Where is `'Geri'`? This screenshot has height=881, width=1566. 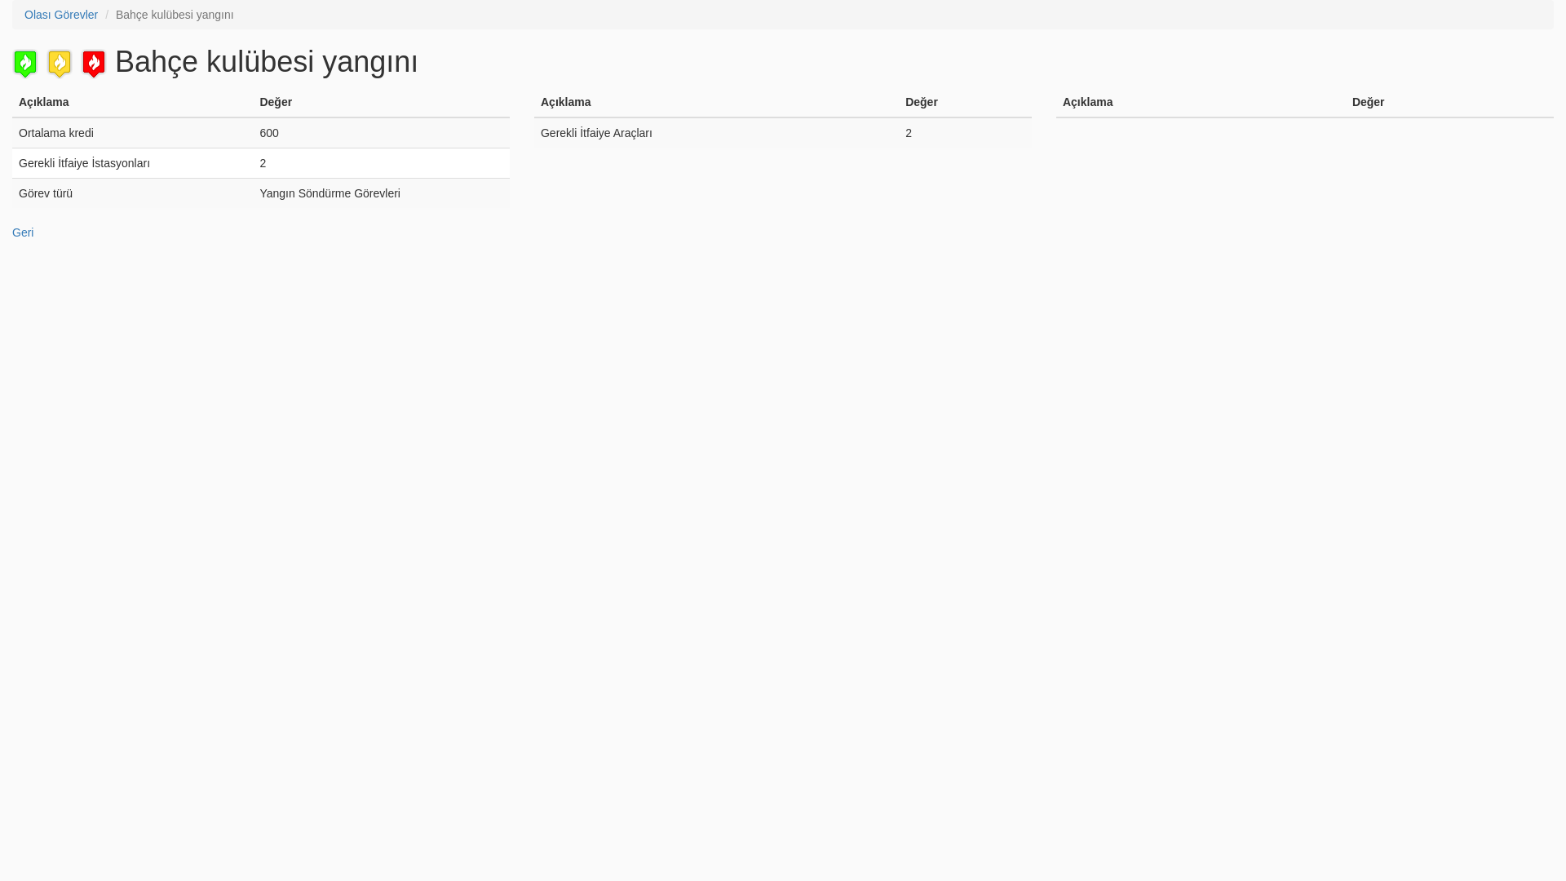 'Geri' is located at coordinates (23, 232).